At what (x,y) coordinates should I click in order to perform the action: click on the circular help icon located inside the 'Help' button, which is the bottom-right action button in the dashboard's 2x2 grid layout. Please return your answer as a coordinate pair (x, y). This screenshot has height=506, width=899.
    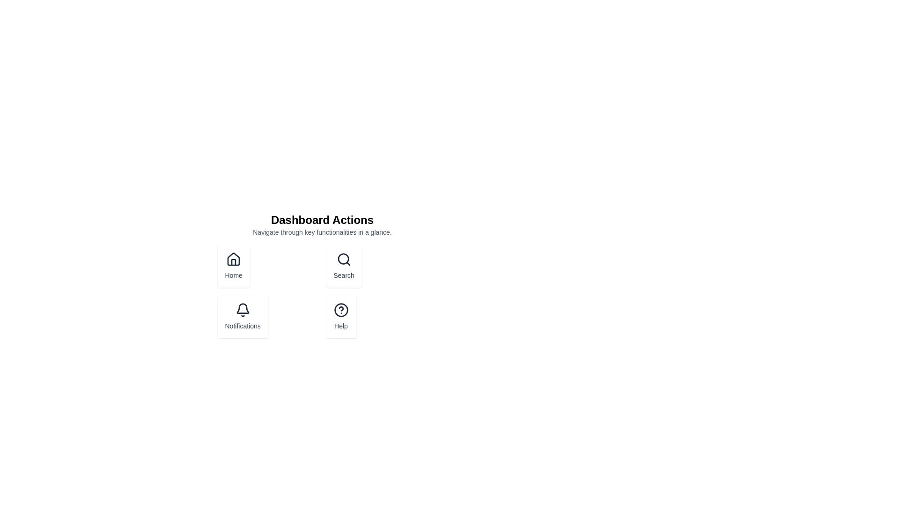
    Looking at the image, I should click on (340, 310).